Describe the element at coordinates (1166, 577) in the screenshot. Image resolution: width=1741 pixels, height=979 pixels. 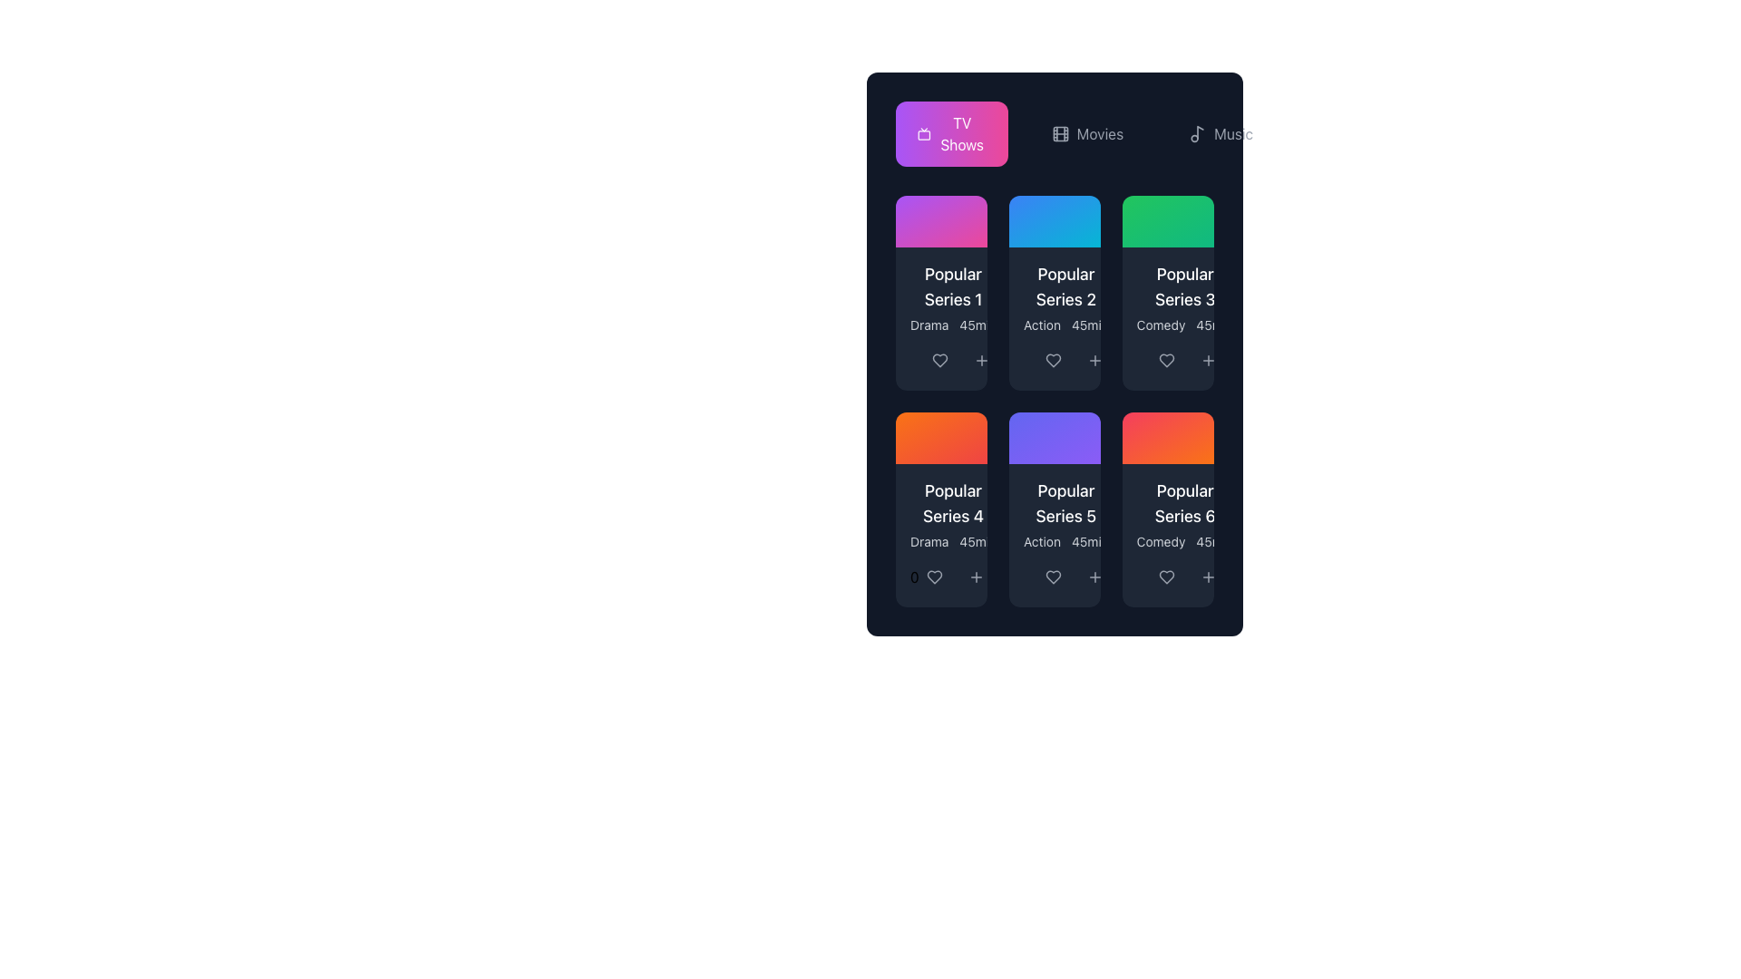
I see `the heart-shaped icon button located in the last row of icons below the 'Popular Series 6' card to mark it as a favorite` at that location.